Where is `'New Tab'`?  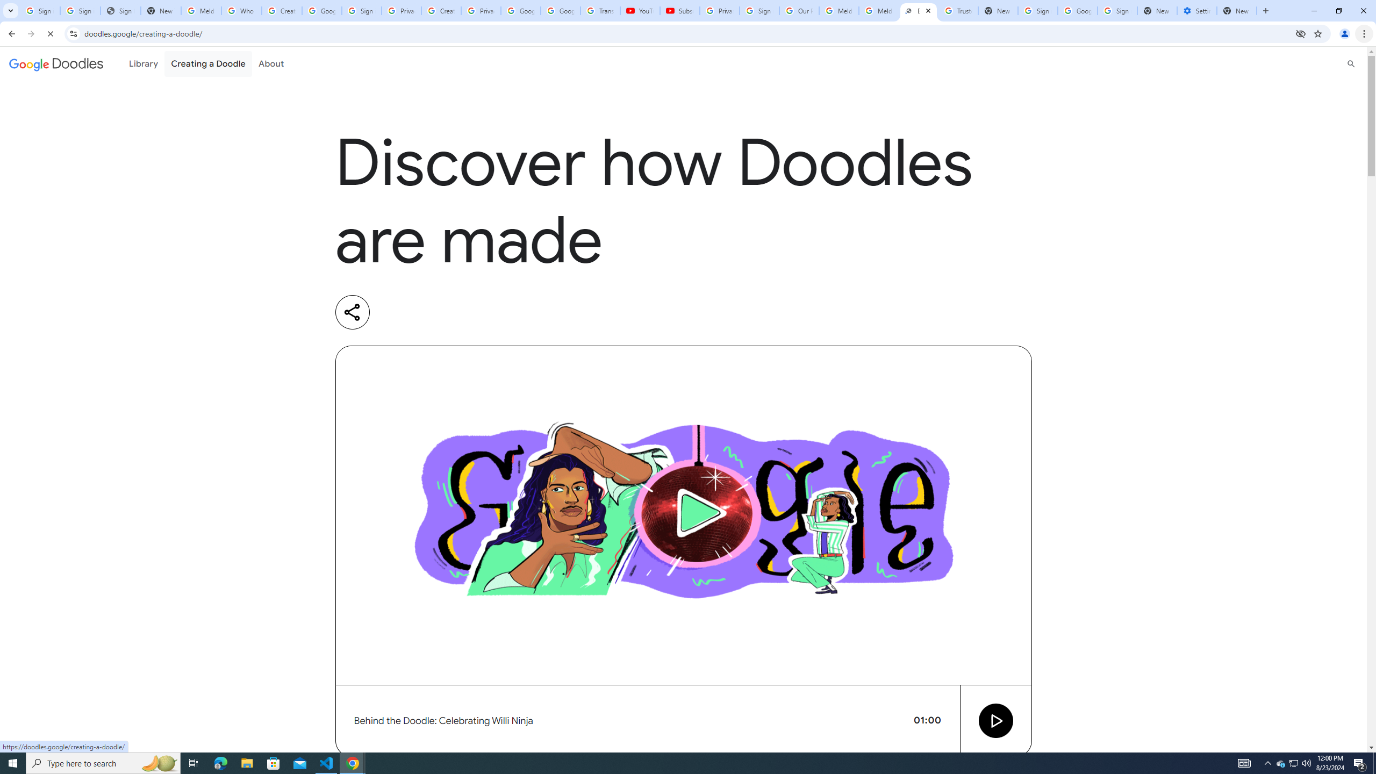 'New Tab' is located at coordinates (1236, 10).